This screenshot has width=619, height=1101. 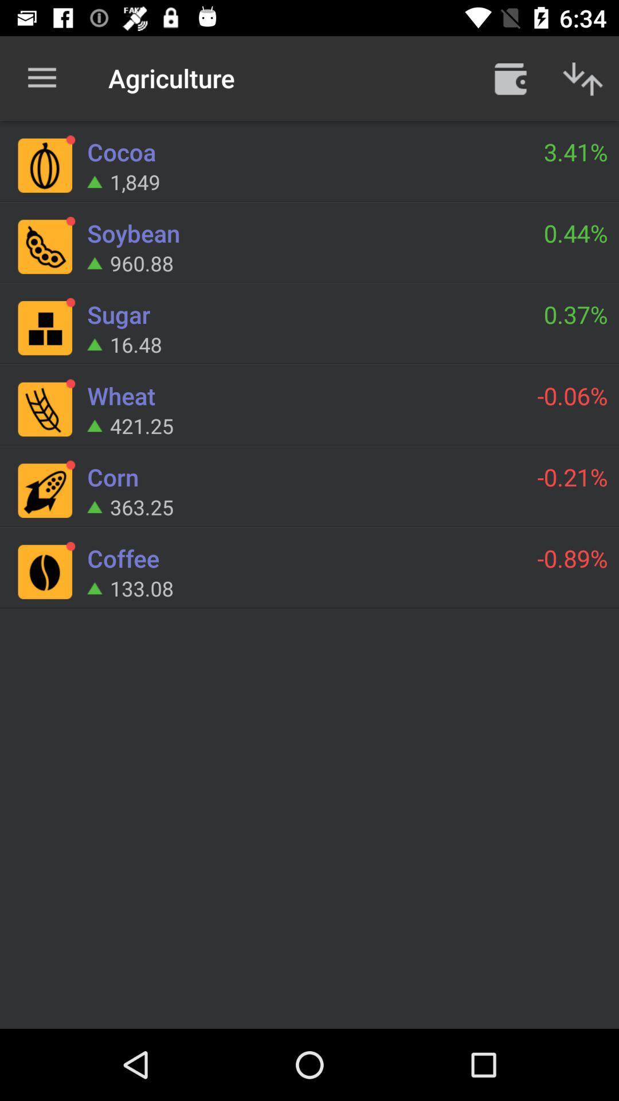 What do you see at coordinates (510, 77) in the screenshot?
I see `the app next to agriculture item` at bounding box center [510, 77].